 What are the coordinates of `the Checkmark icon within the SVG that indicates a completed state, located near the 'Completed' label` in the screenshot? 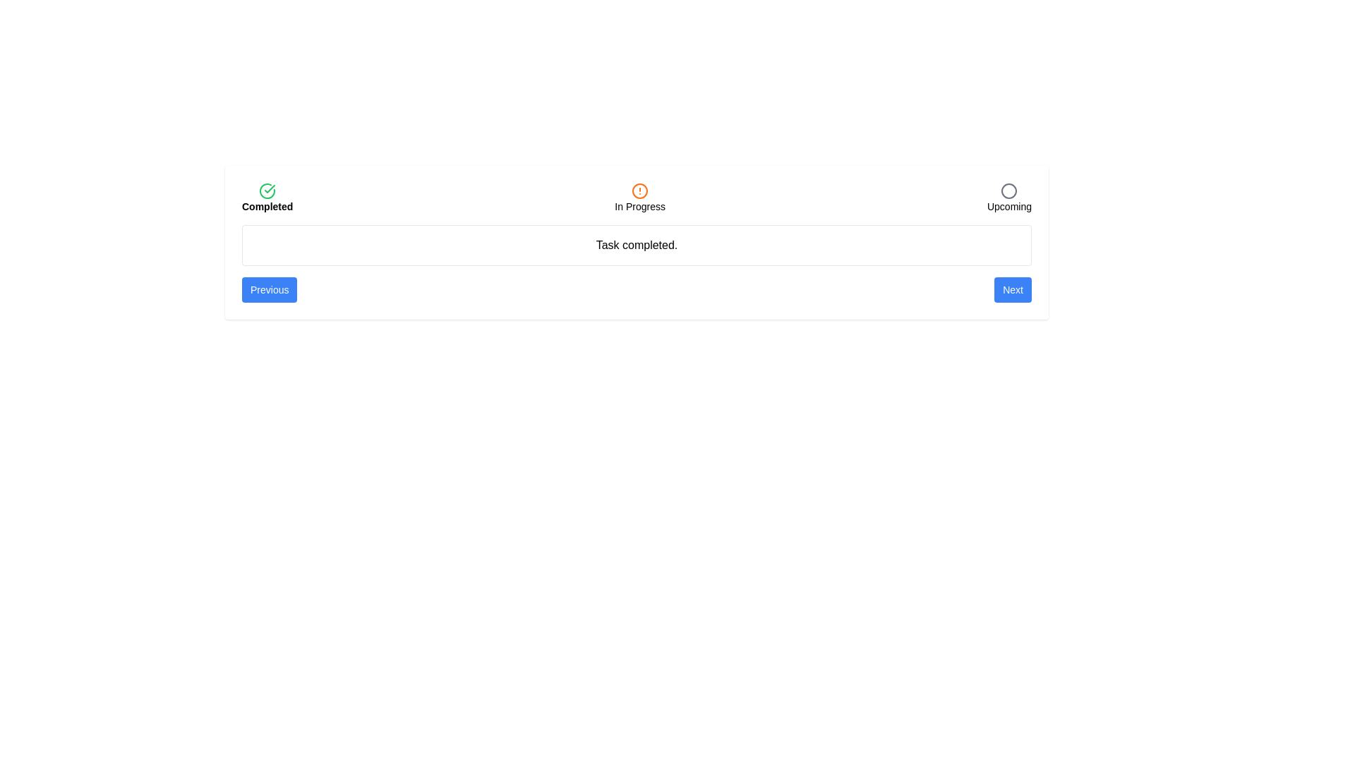 It's located at (270, 188).